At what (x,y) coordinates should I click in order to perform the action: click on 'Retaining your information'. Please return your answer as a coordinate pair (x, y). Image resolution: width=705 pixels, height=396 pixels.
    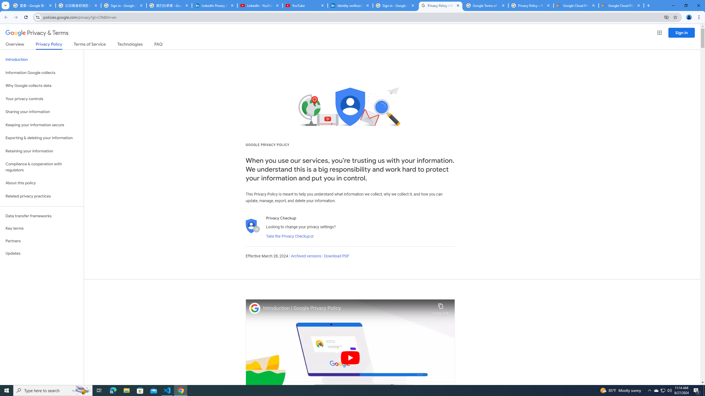
    Looking at the image, I should click on (42, 151).